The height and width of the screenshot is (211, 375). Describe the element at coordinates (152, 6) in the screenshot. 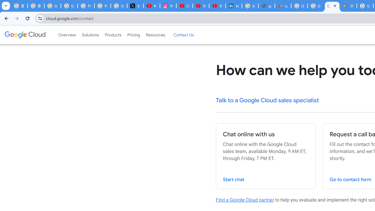

I see `'#nbabasketballhighlights - YouTube'` at that location.